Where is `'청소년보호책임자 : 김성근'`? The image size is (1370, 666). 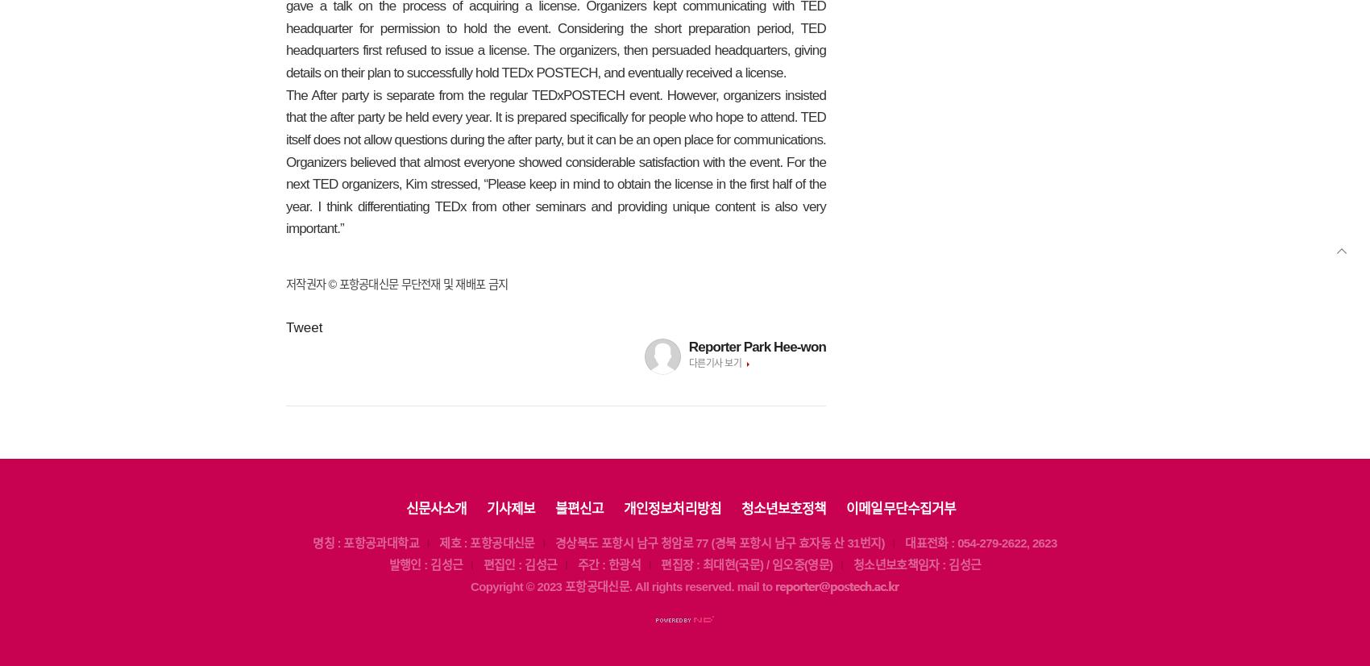 '청소년보호책임자 : 김성근' is located at coordinates (916, 564).